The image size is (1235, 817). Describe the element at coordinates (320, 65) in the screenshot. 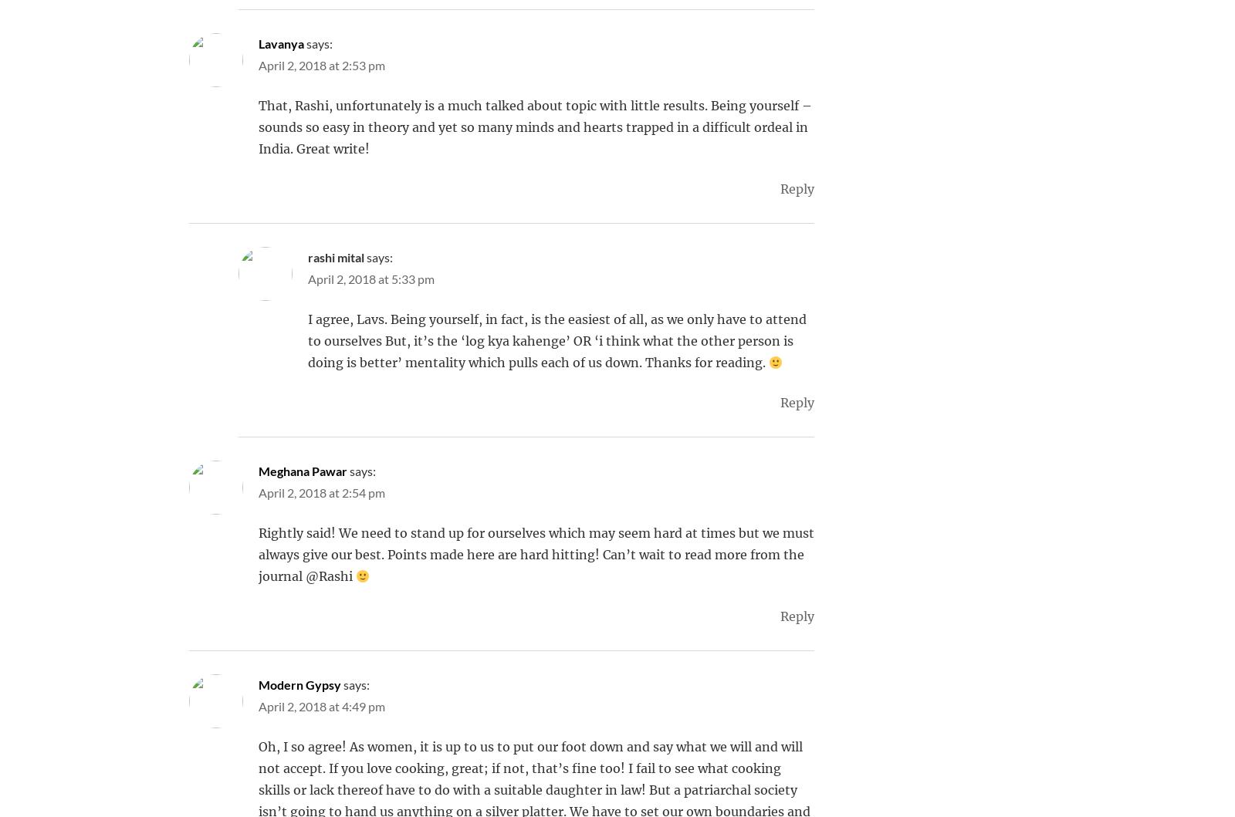

I see `'April 2, 2018 at 2:53 pm'` at that location.